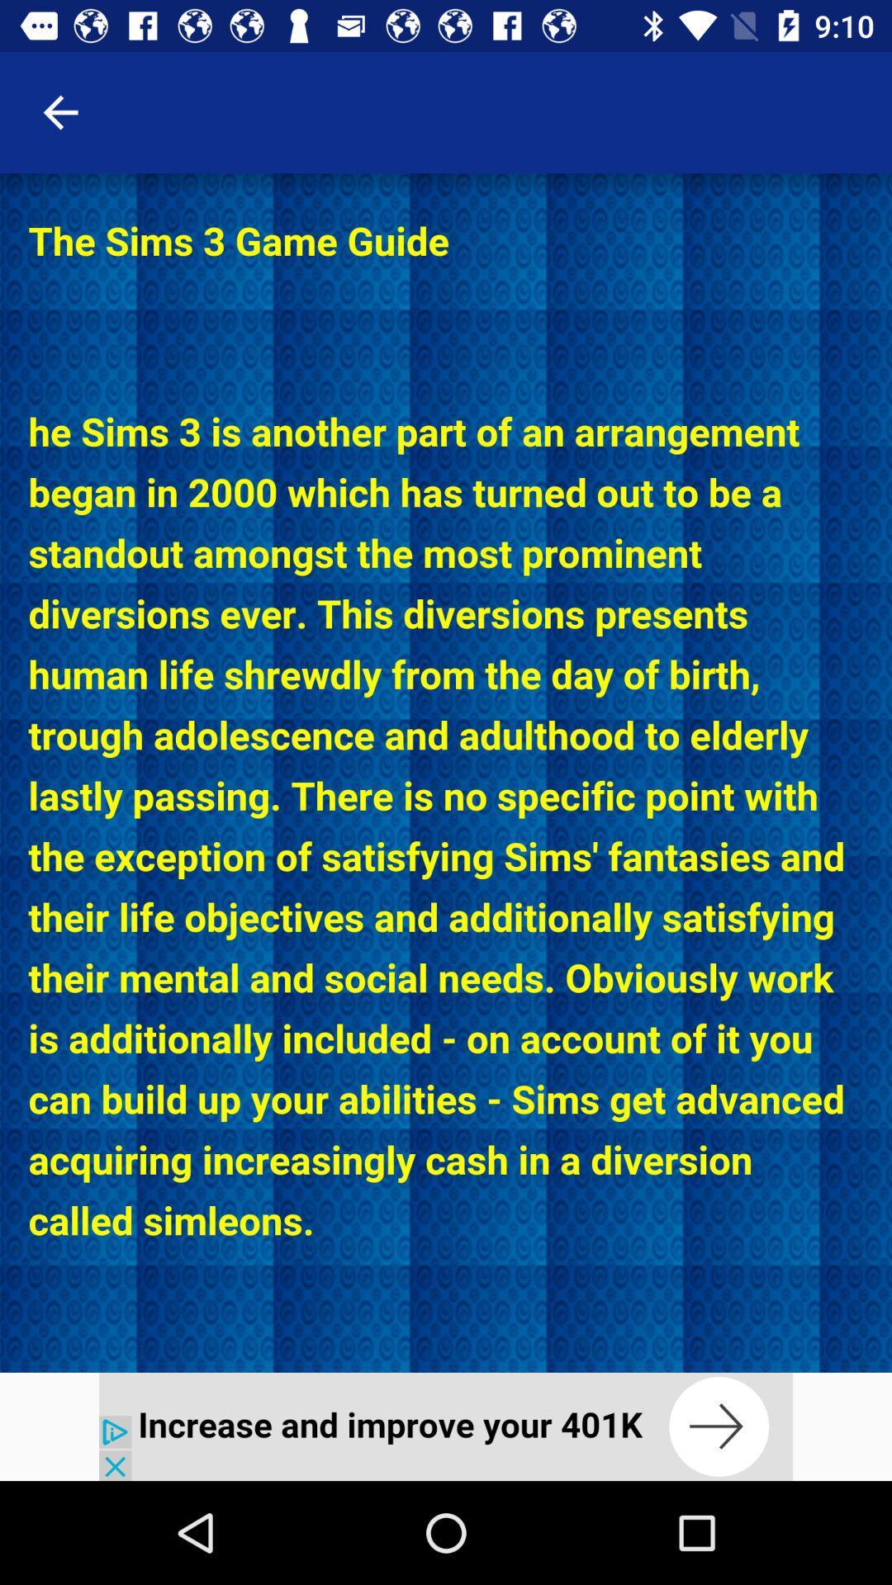 The width and height of the screenshot is (892, 1585). Describe the element at coordinates (446, 1426) in the screenshot. I see `advertisement page` at that location.